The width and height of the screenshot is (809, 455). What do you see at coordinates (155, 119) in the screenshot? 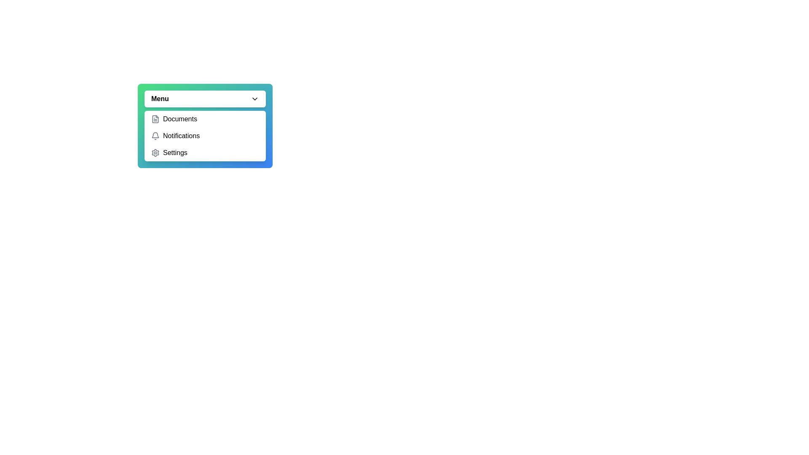
I see `the document icon with a gray outline located in the dropdown menu under 'Documents', positioned to the left of the text 'Documents'` at bounding box center [155, 119].